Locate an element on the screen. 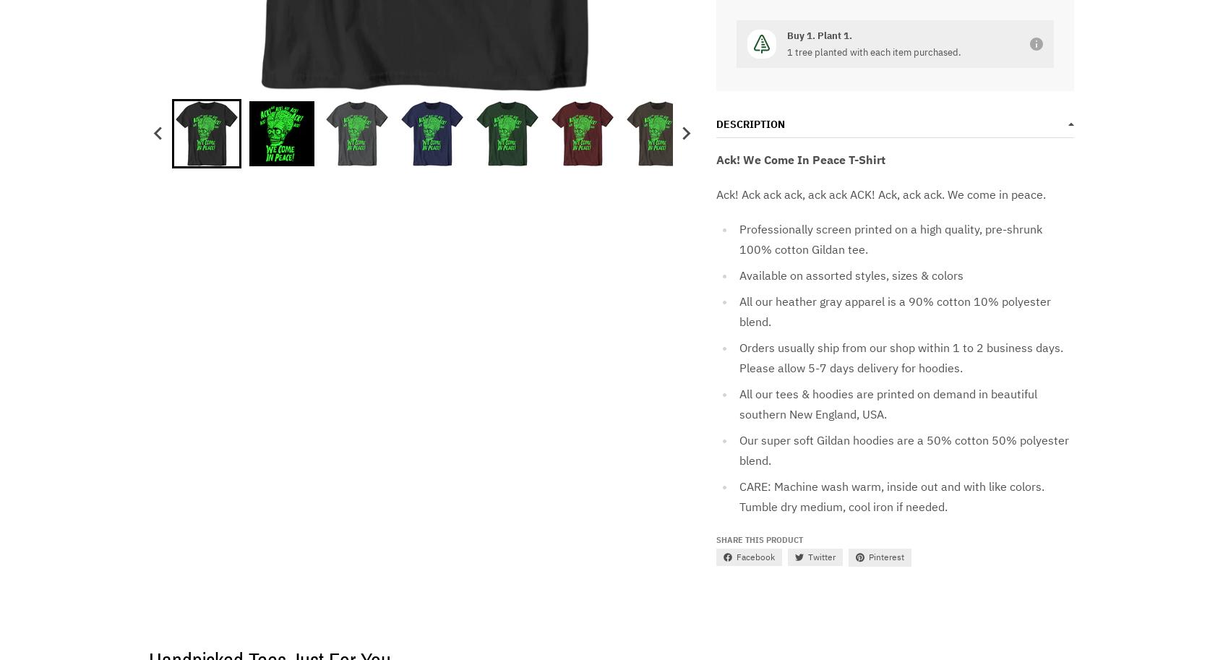  '1 tree planted with each item purchased.' is located at coordinates (873, 51).